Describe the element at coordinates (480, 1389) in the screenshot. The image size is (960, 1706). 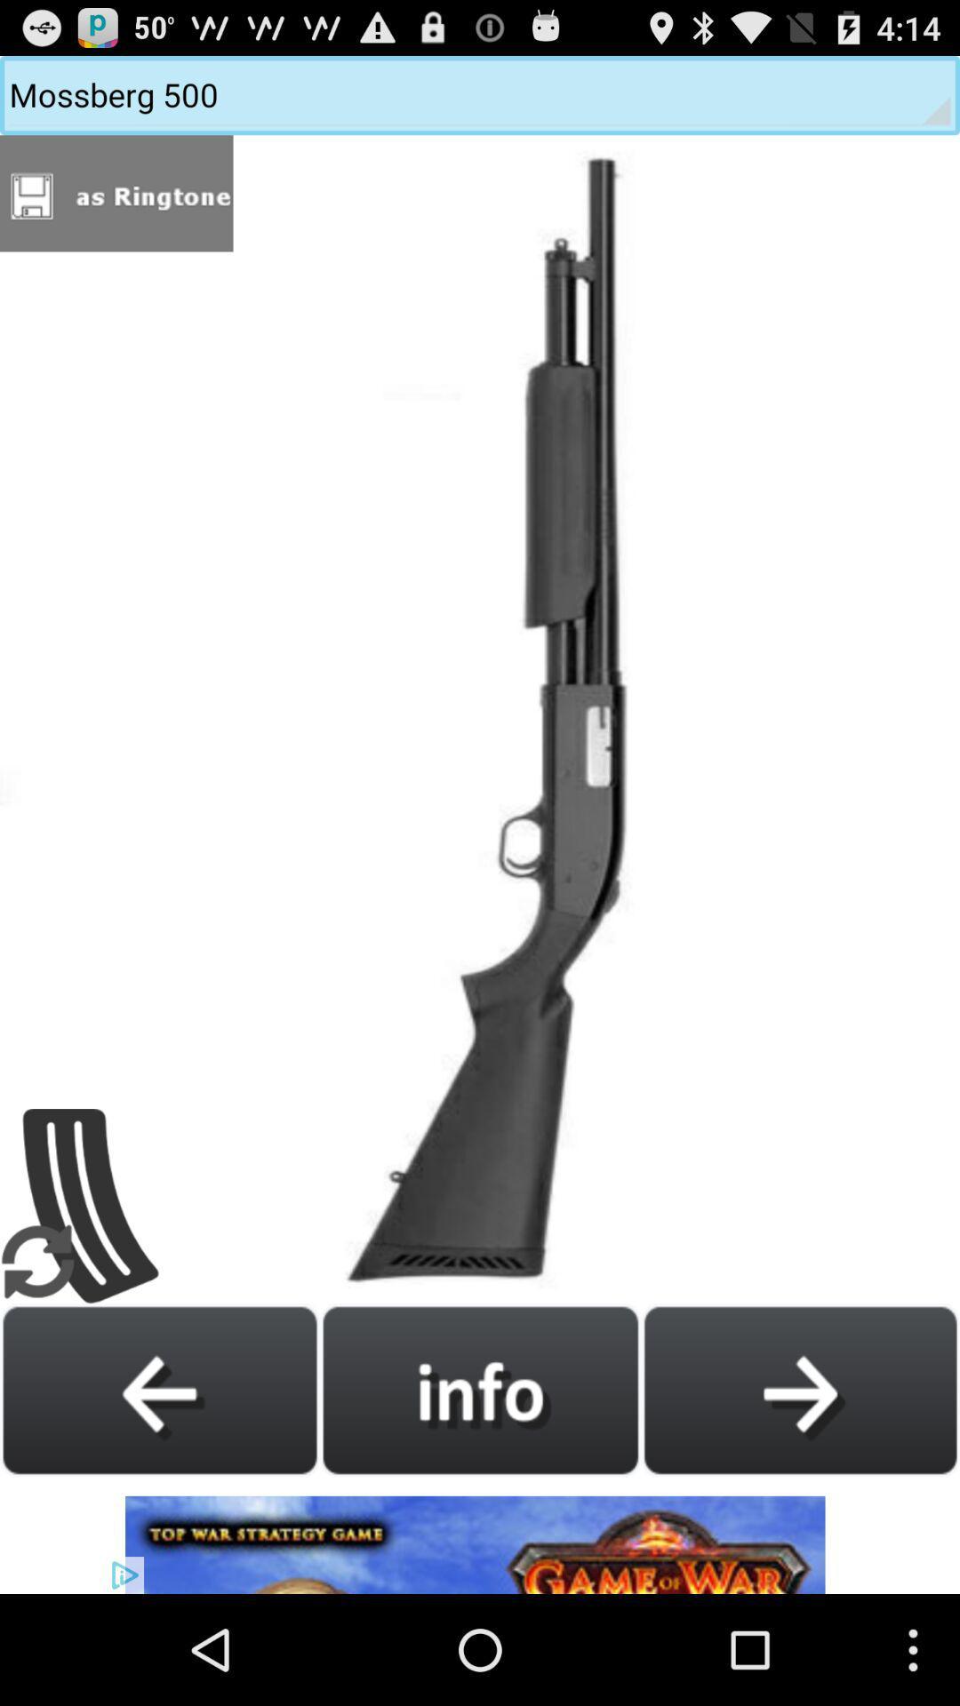
I see `see more information` at that location.